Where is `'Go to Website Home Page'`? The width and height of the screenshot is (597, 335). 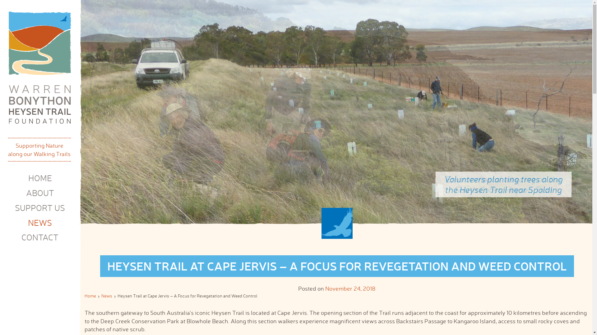
'Go to Website Home Page' is located at coordinates (39, 68).